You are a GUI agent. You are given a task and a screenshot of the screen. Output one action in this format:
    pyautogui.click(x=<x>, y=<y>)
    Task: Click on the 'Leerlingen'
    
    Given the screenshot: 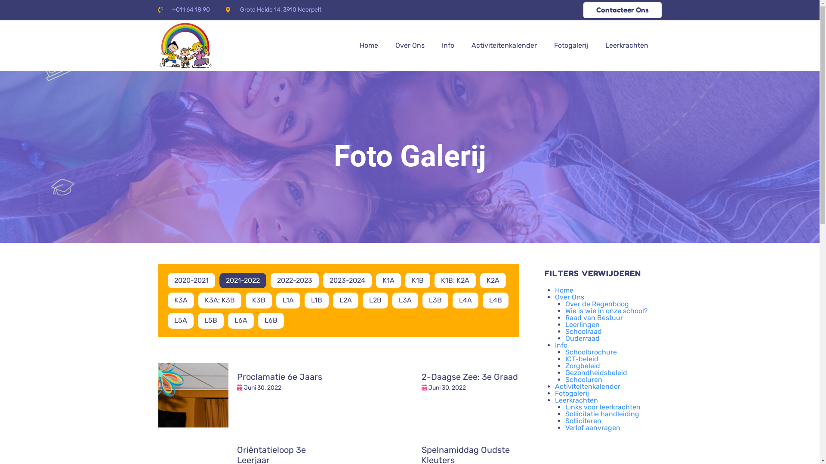 What is the action you would take?
    pyautogui.click(x=565, y=324)
    